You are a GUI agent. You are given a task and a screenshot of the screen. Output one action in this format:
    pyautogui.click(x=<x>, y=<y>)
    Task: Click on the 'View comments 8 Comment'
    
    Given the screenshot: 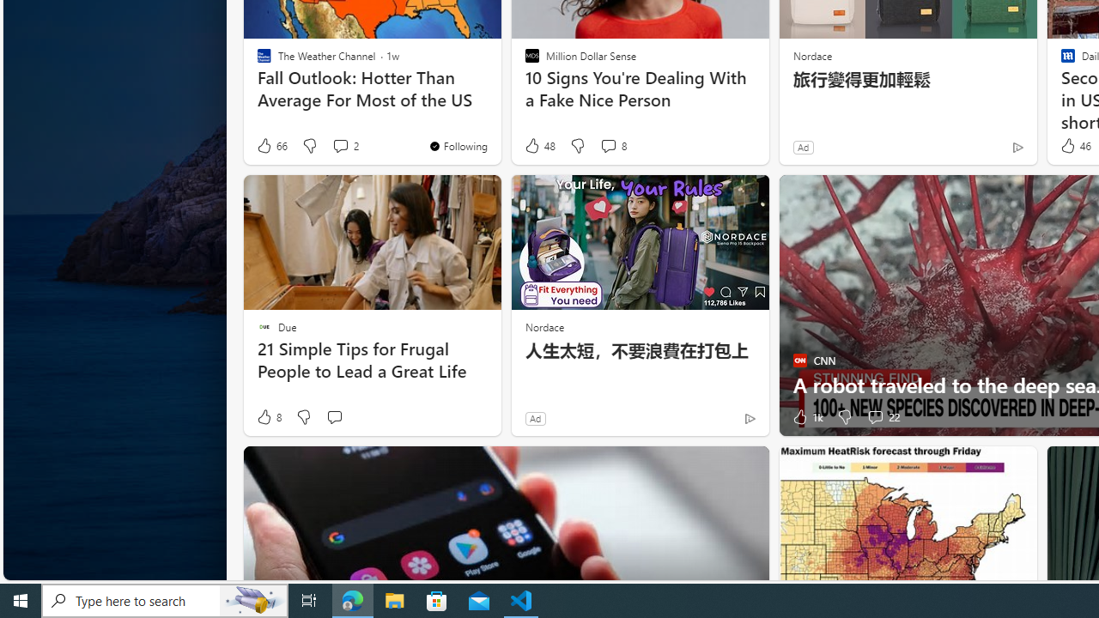 What is the action you would take?
    pyautogui.click(x=613, y=145)
    